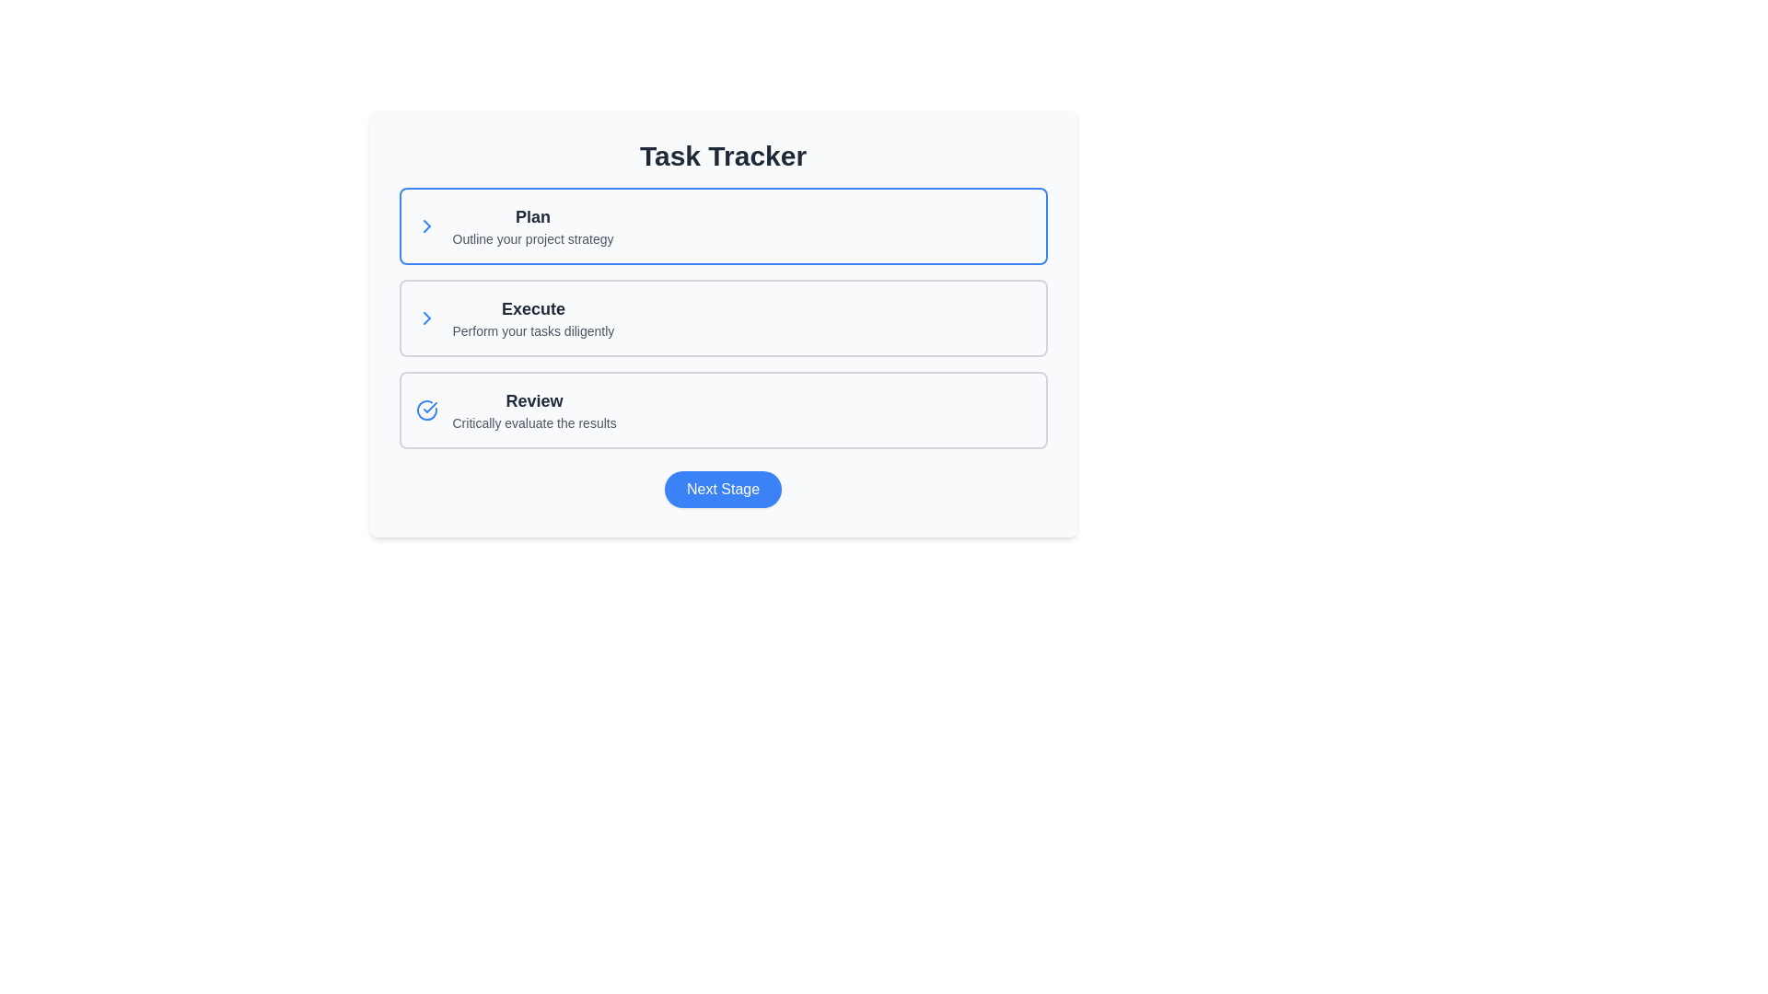  I want to click on text in the middle text block that provides information about the 'Execute' stage, which is located between the 'Plan' and 'Review' segments, so click(532, 318).